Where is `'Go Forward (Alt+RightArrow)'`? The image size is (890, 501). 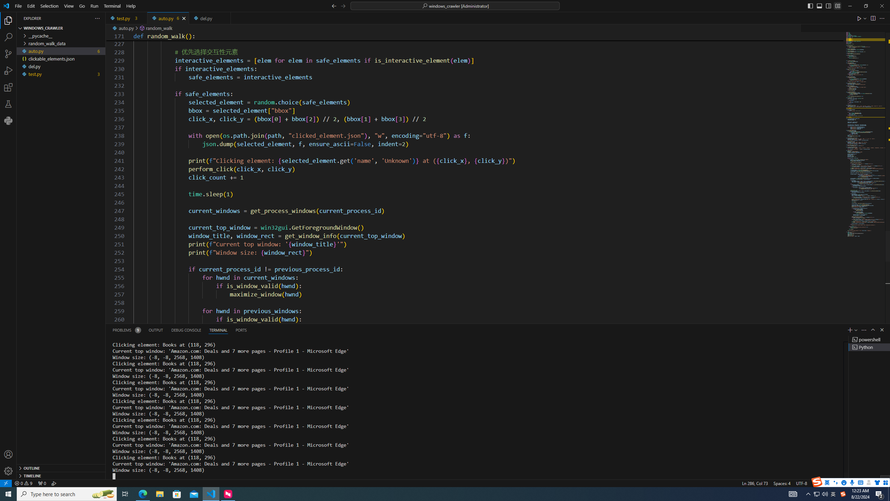
'Go Forward (Alt+RightArrow)' is located at coordinates (343, 5).